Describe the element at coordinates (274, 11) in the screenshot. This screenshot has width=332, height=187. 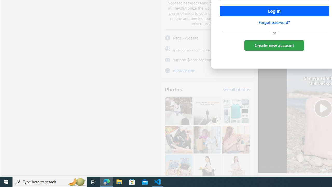
I see `'Accessible login button'` at that location.